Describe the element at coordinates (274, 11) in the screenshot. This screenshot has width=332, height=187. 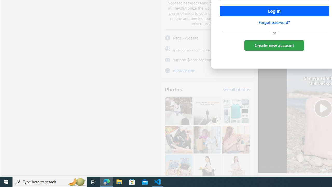
I see `'Accessible login button'` at that location.